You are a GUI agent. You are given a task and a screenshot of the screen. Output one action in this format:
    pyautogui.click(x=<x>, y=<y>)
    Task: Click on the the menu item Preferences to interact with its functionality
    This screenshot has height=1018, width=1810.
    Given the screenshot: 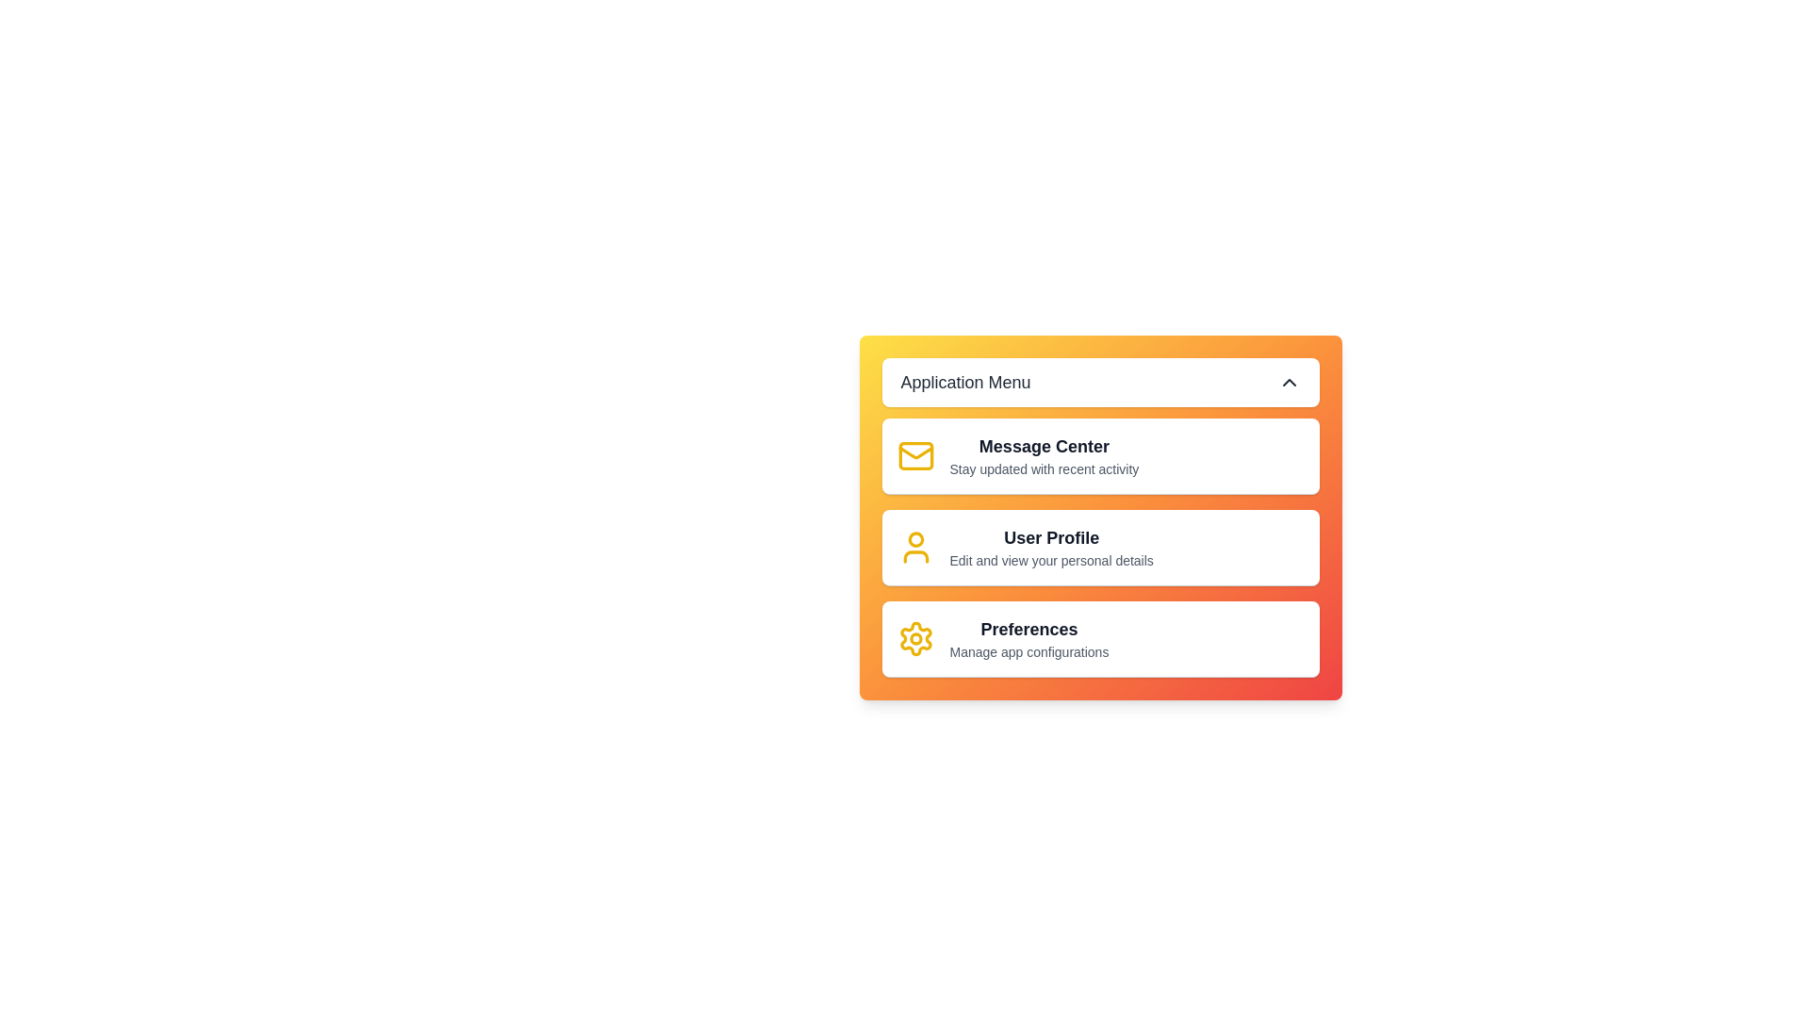 What is the action you would take?
    pyautogui.click(x=1100, y=638)
    